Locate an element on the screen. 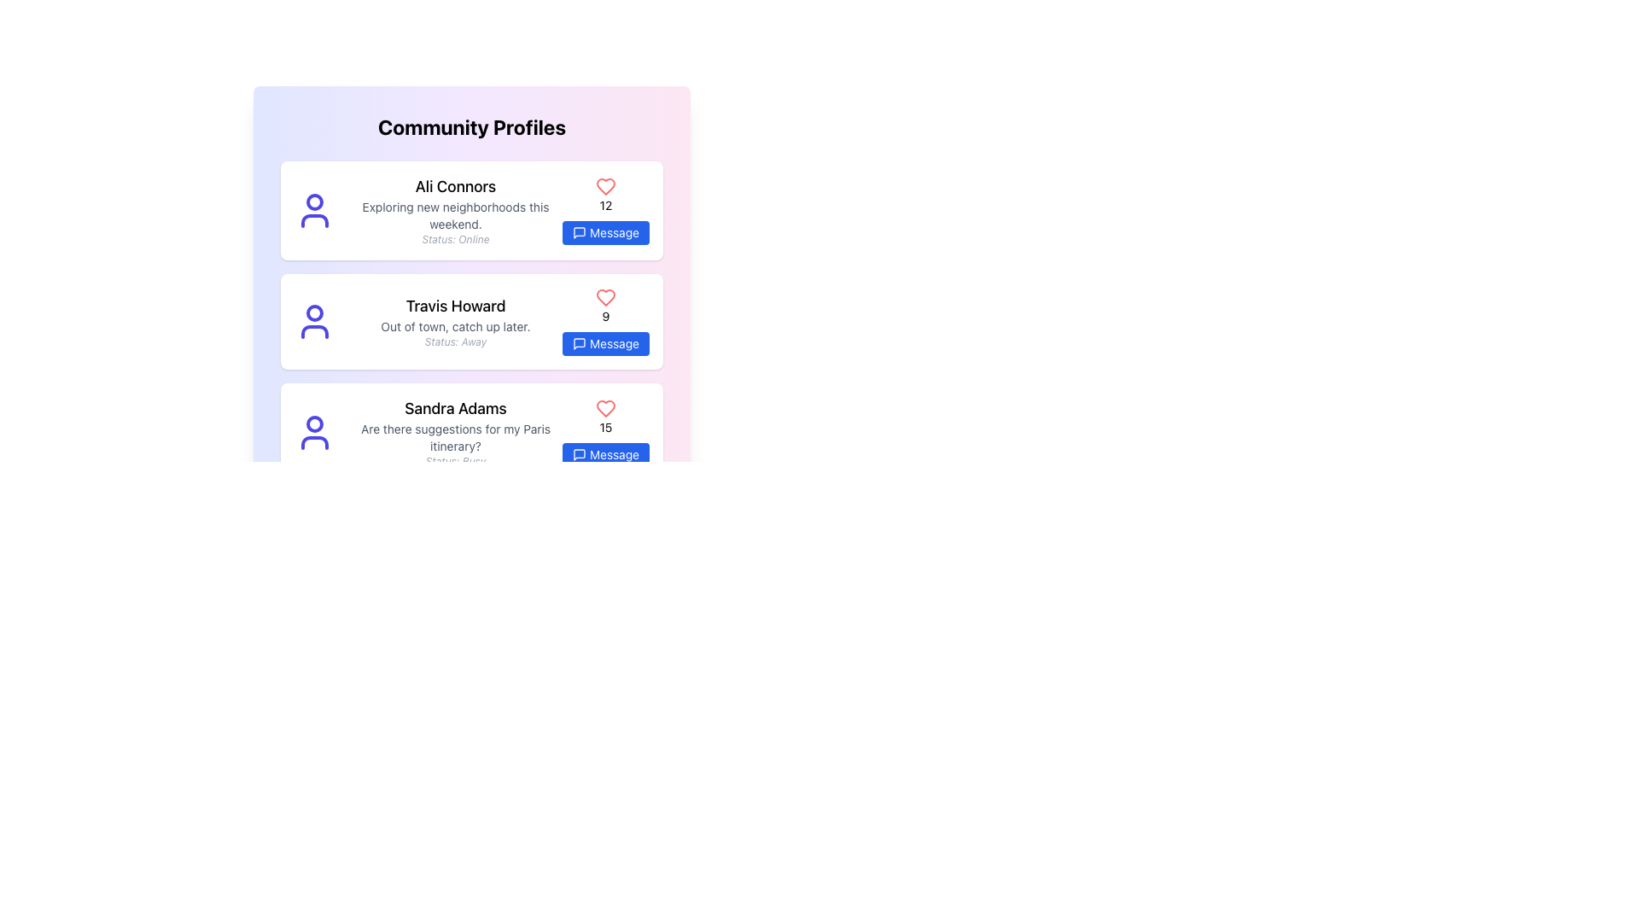 This screenshot has height=922, width=1639. the heart icon located in the top-right corner of the third profile card in the 'Community Profiles' section to mark it as liked is located at coordinates (606, 408).